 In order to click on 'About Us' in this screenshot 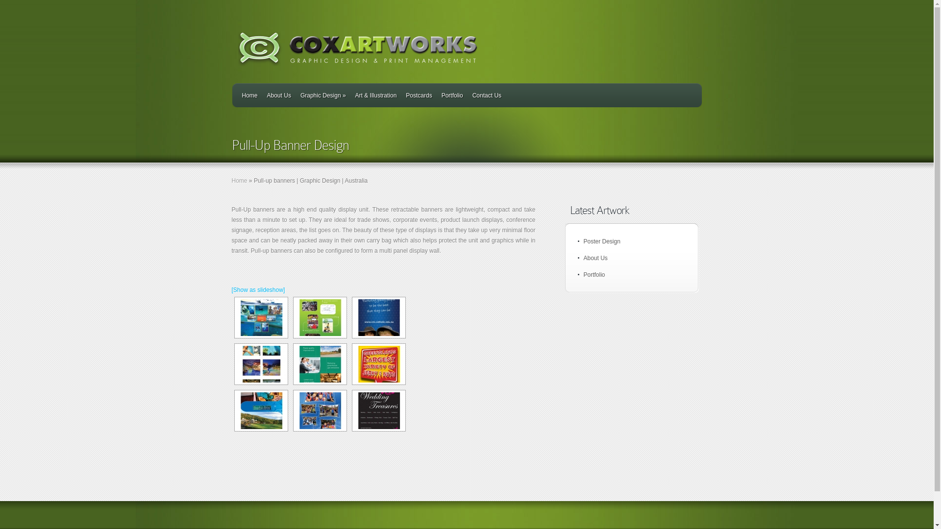, I will do `click(583, 258)`.